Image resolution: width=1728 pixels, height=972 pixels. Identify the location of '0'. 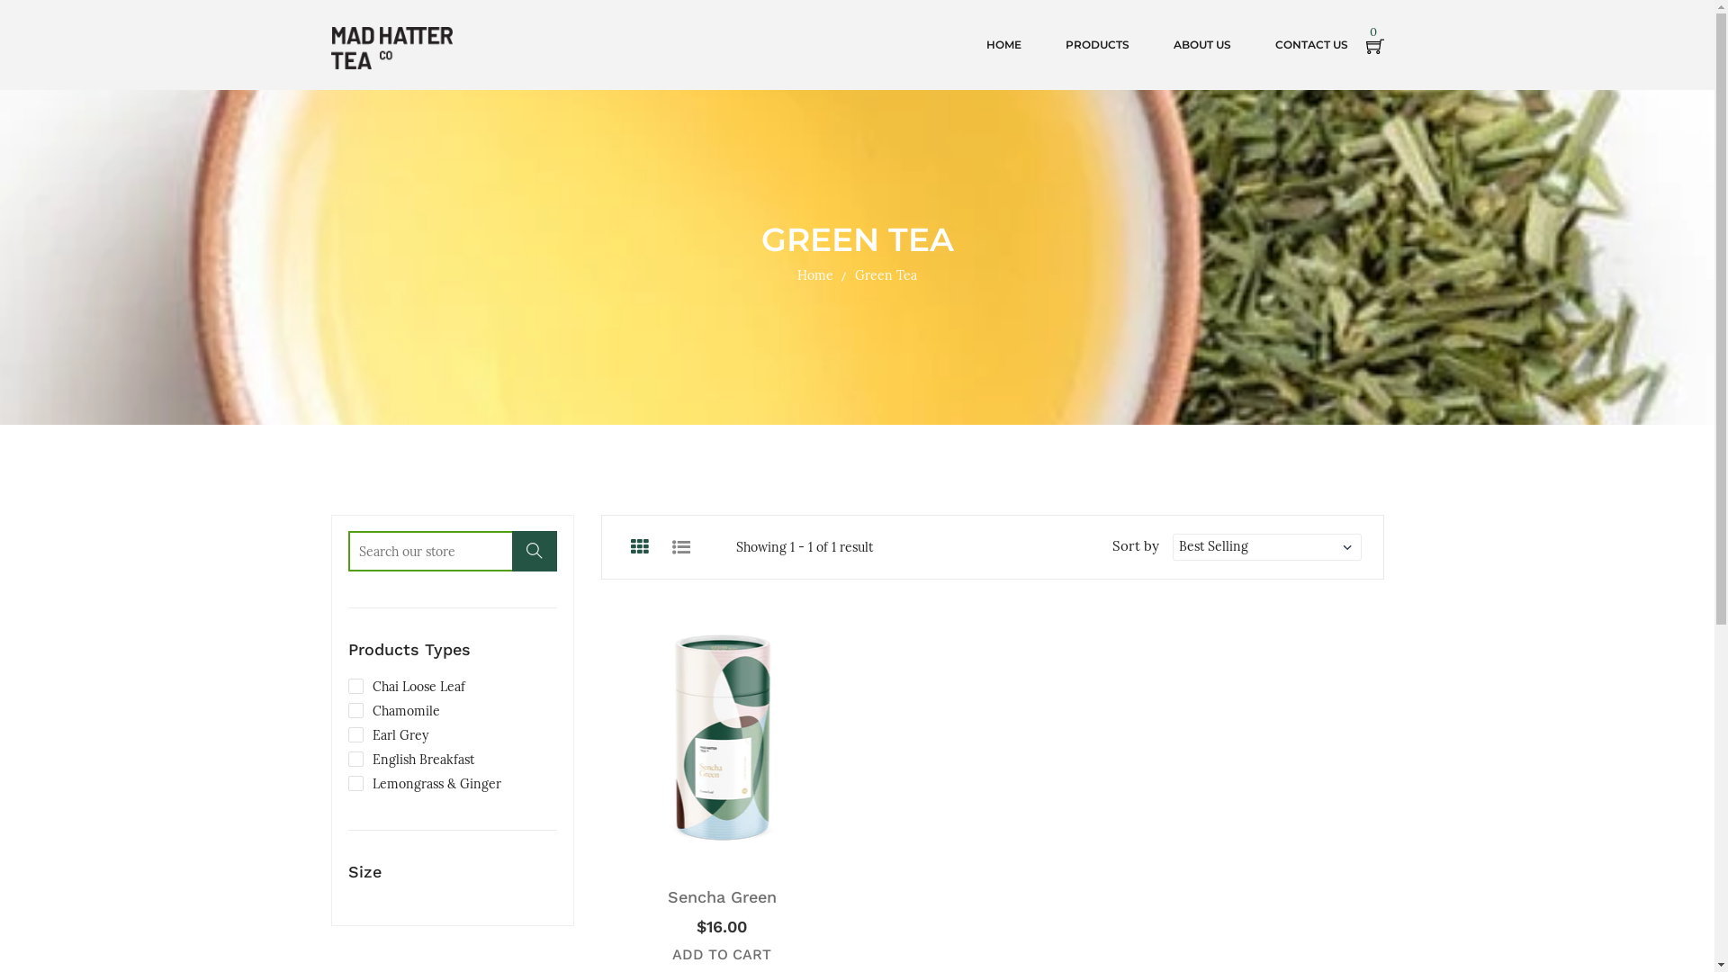
(1373, 44).